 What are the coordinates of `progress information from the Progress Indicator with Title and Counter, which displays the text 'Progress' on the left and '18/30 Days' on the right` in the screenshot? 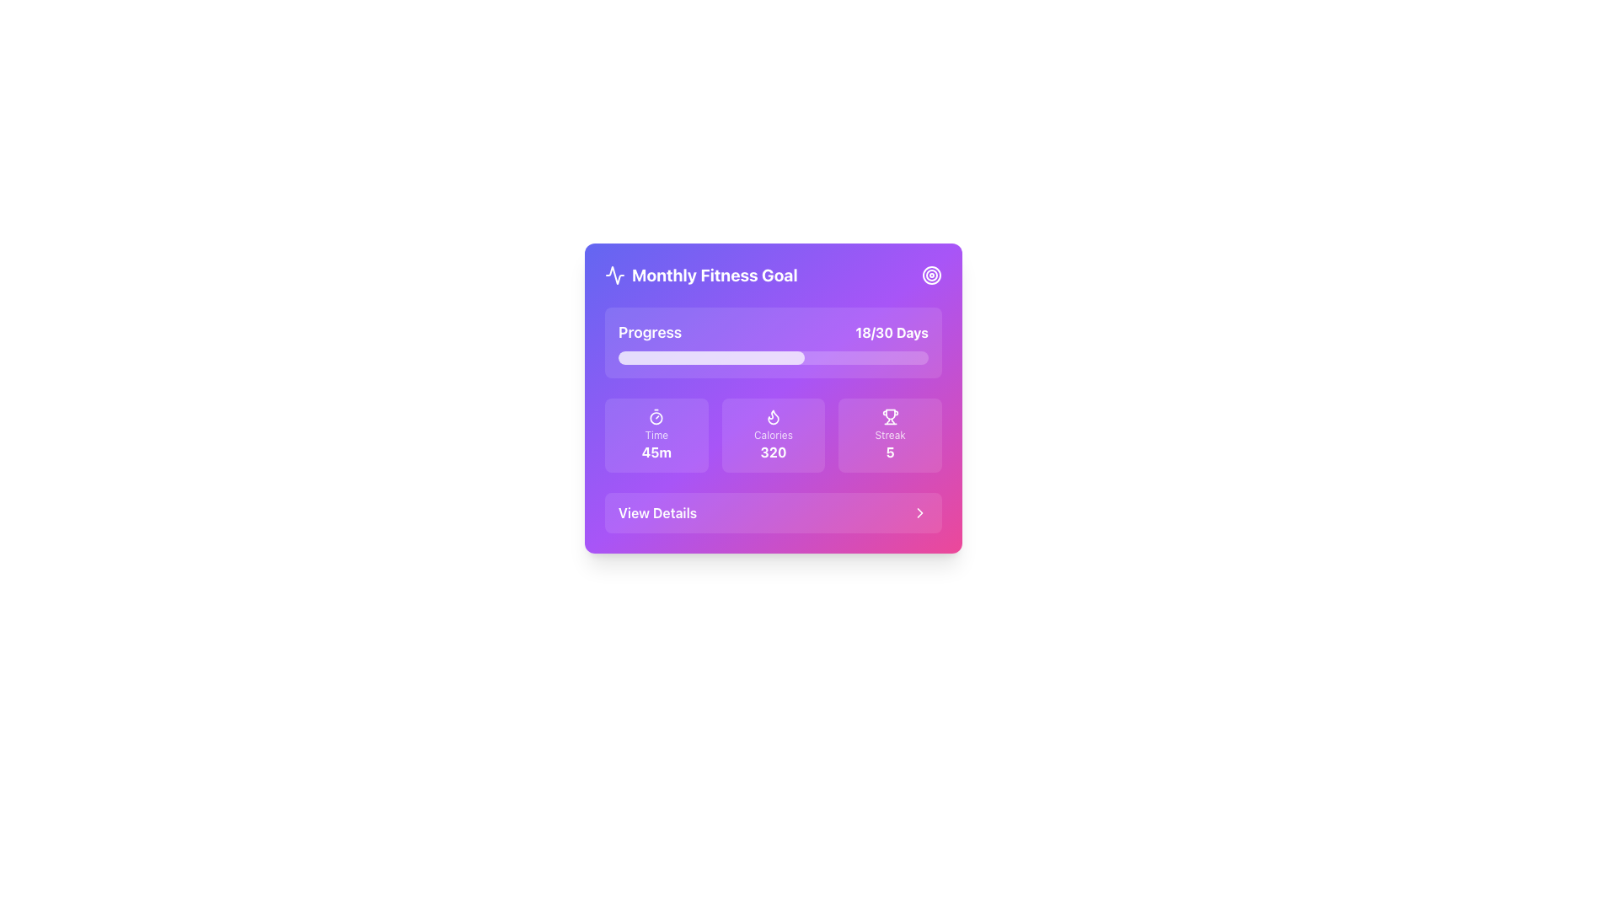 It's located at (772, 342).